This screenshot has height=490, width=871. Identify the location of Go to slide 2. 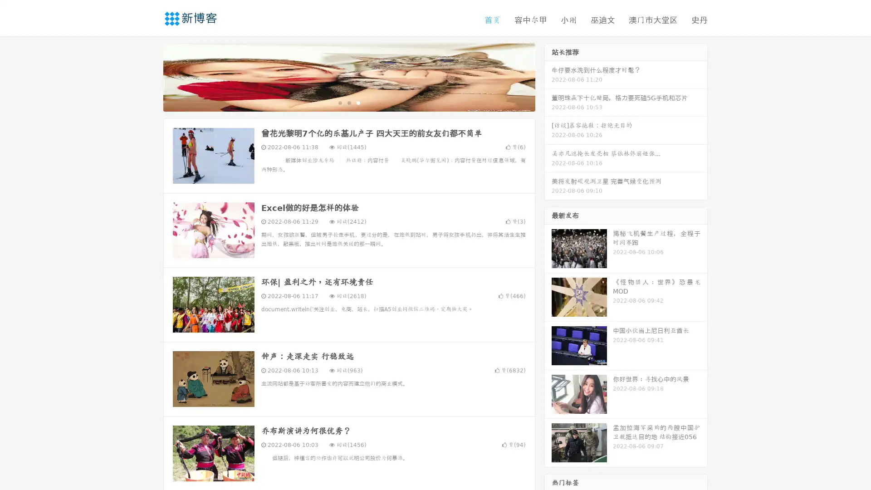
(348, 102).